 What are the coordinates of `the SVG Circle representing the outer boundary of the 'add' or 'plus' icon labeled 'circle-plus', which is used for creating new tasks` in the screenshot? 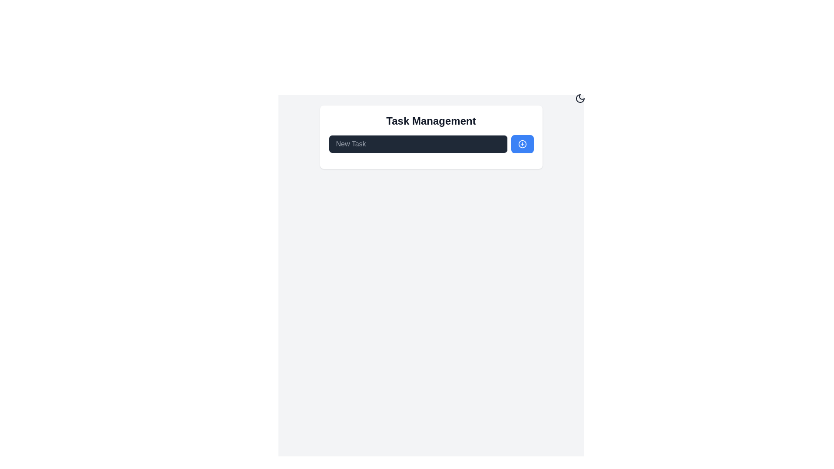 It's located at (522, 143).